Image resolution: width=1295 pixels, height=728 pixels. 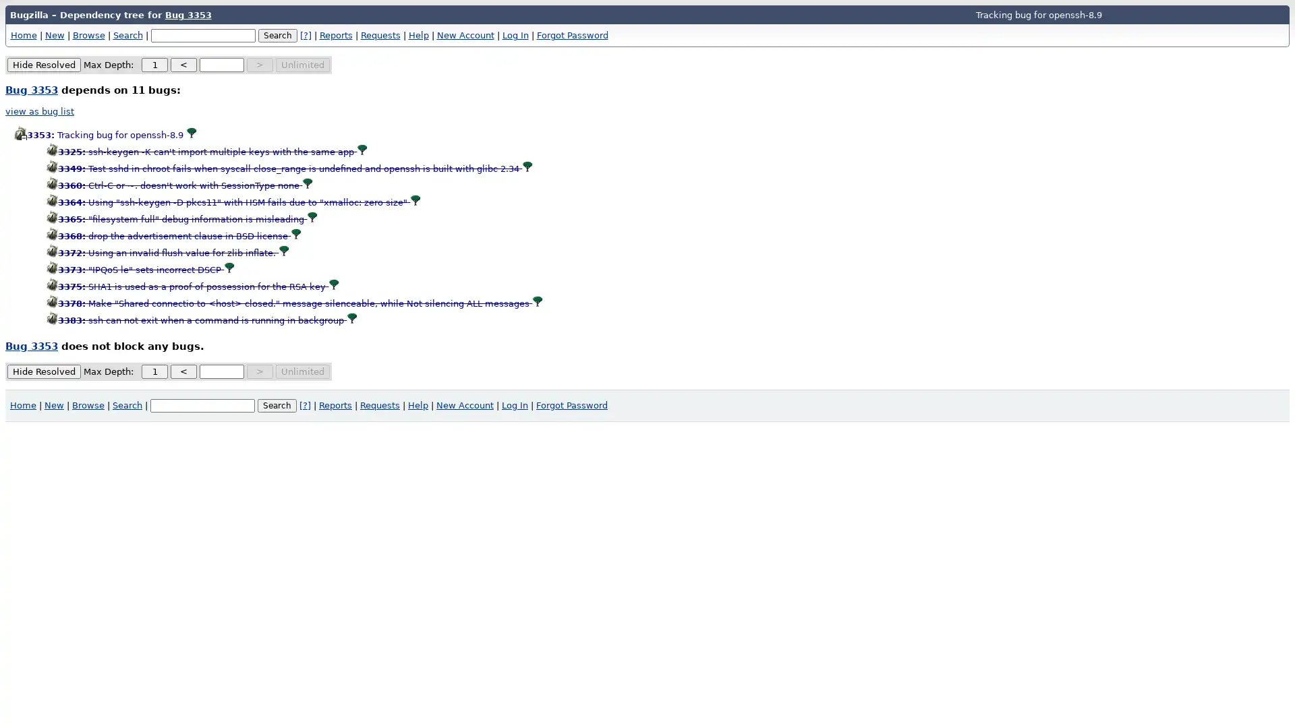 What do you see at coordinates (44, 371) in the screenshot?
I see `Hide Resolved` at bounding box center [44, 371].